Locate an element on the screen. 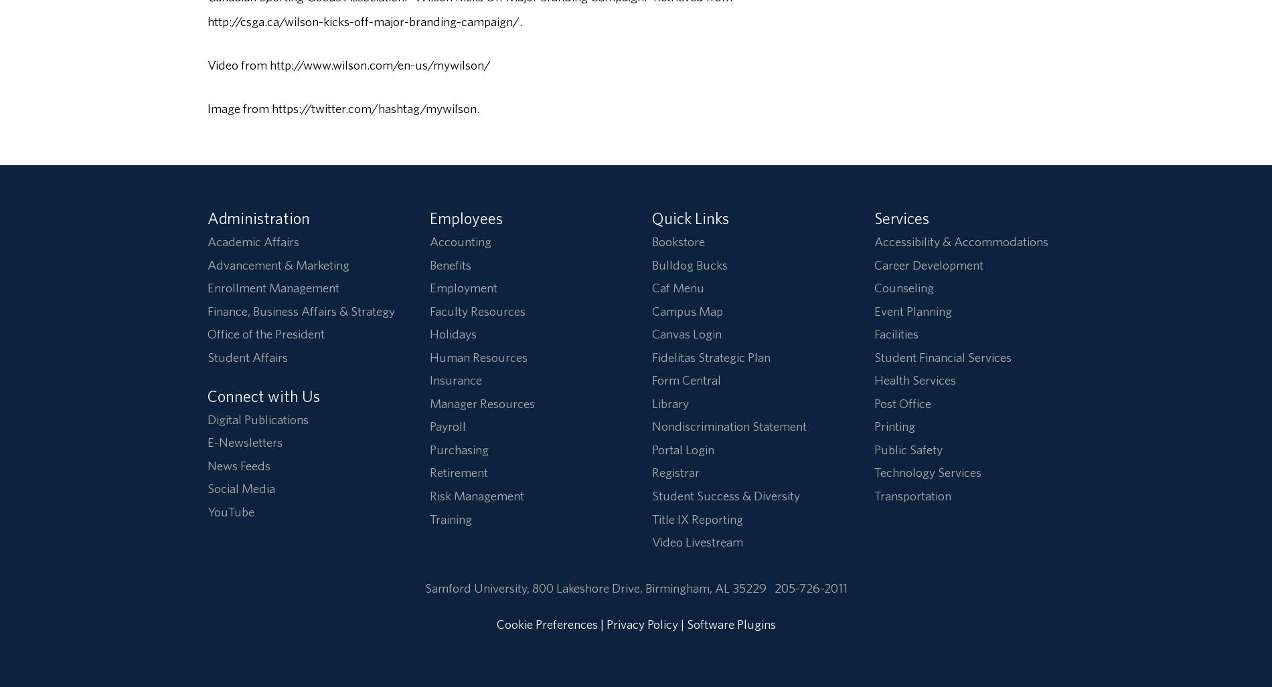 Image resolution: width=1272 pixels, height=687 pixels. 'Public Safety' is located at coordinates (907, 448).